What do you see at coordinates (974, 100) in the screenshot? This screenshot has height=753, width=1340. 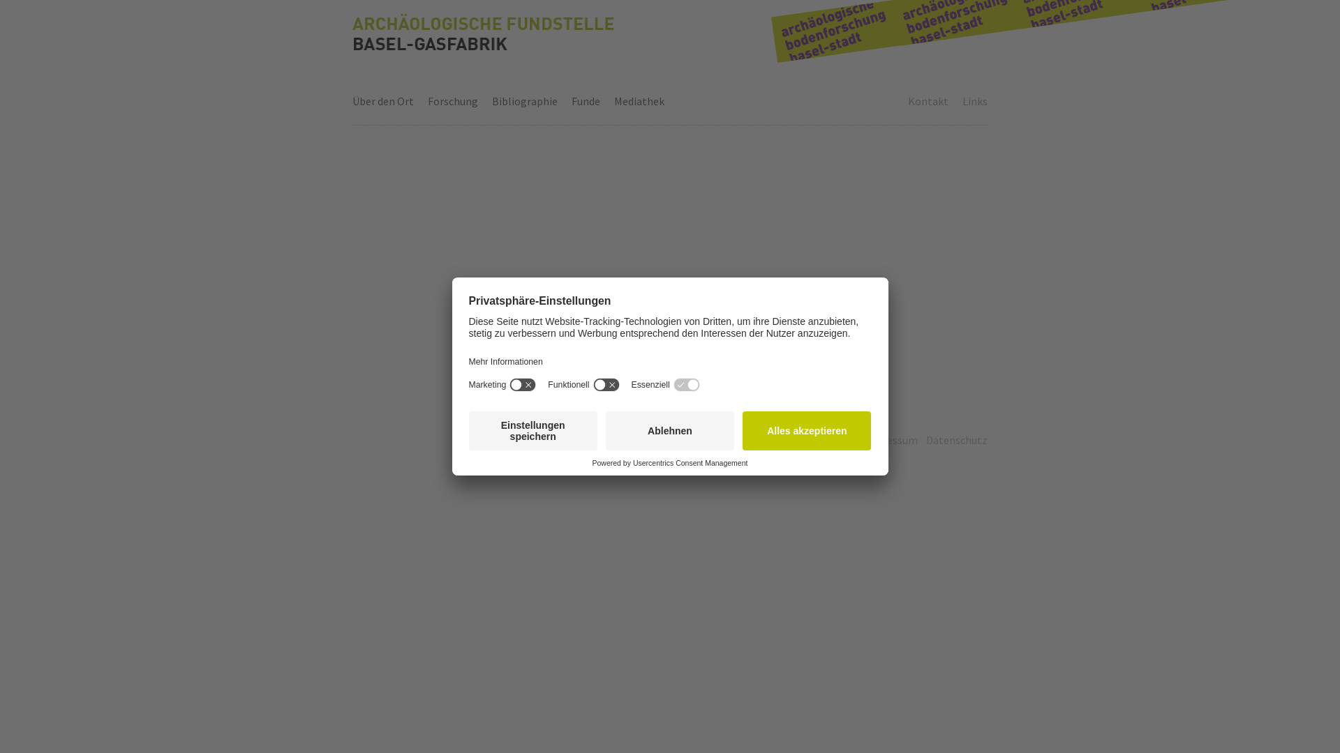 I see `'Links'` at bounding box center [974, 100].